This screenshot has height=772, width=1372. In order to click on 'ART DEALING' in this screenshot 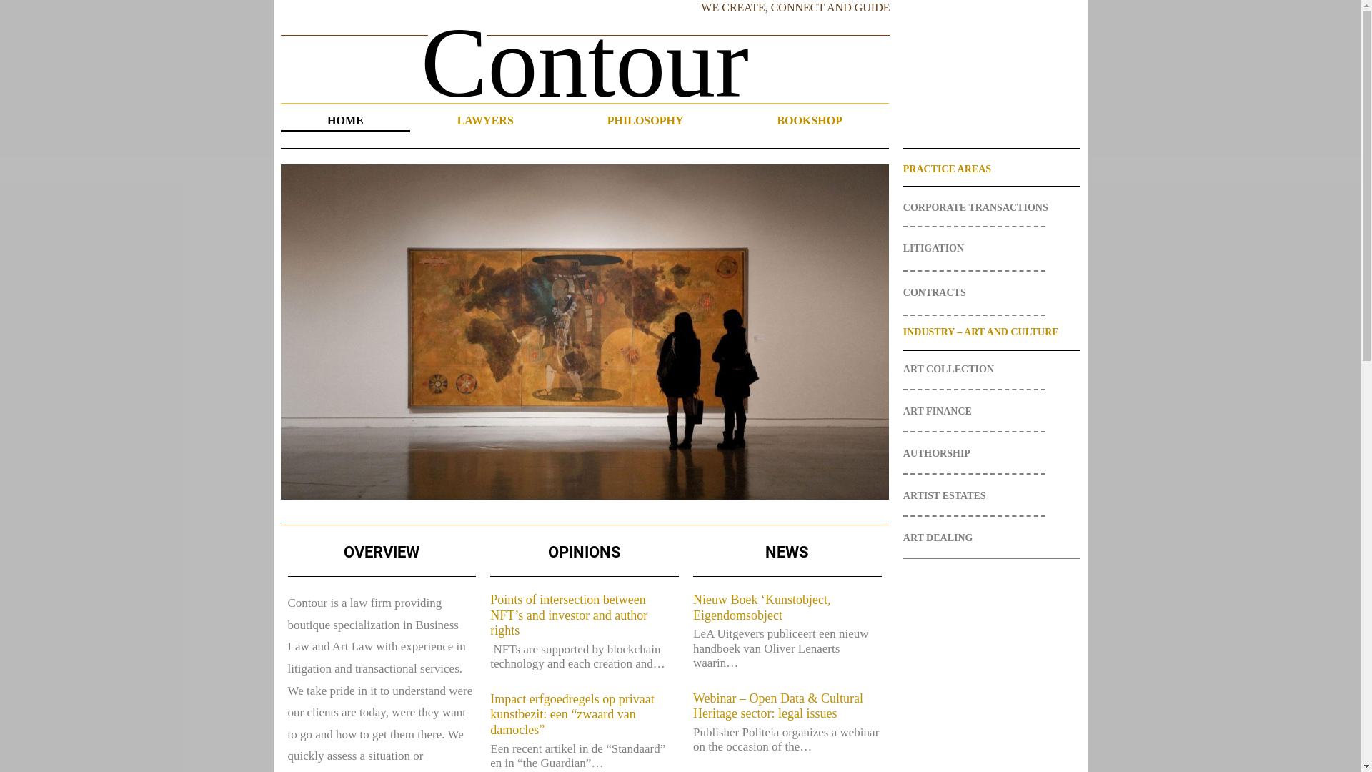, I will do `click(991, 538)`.